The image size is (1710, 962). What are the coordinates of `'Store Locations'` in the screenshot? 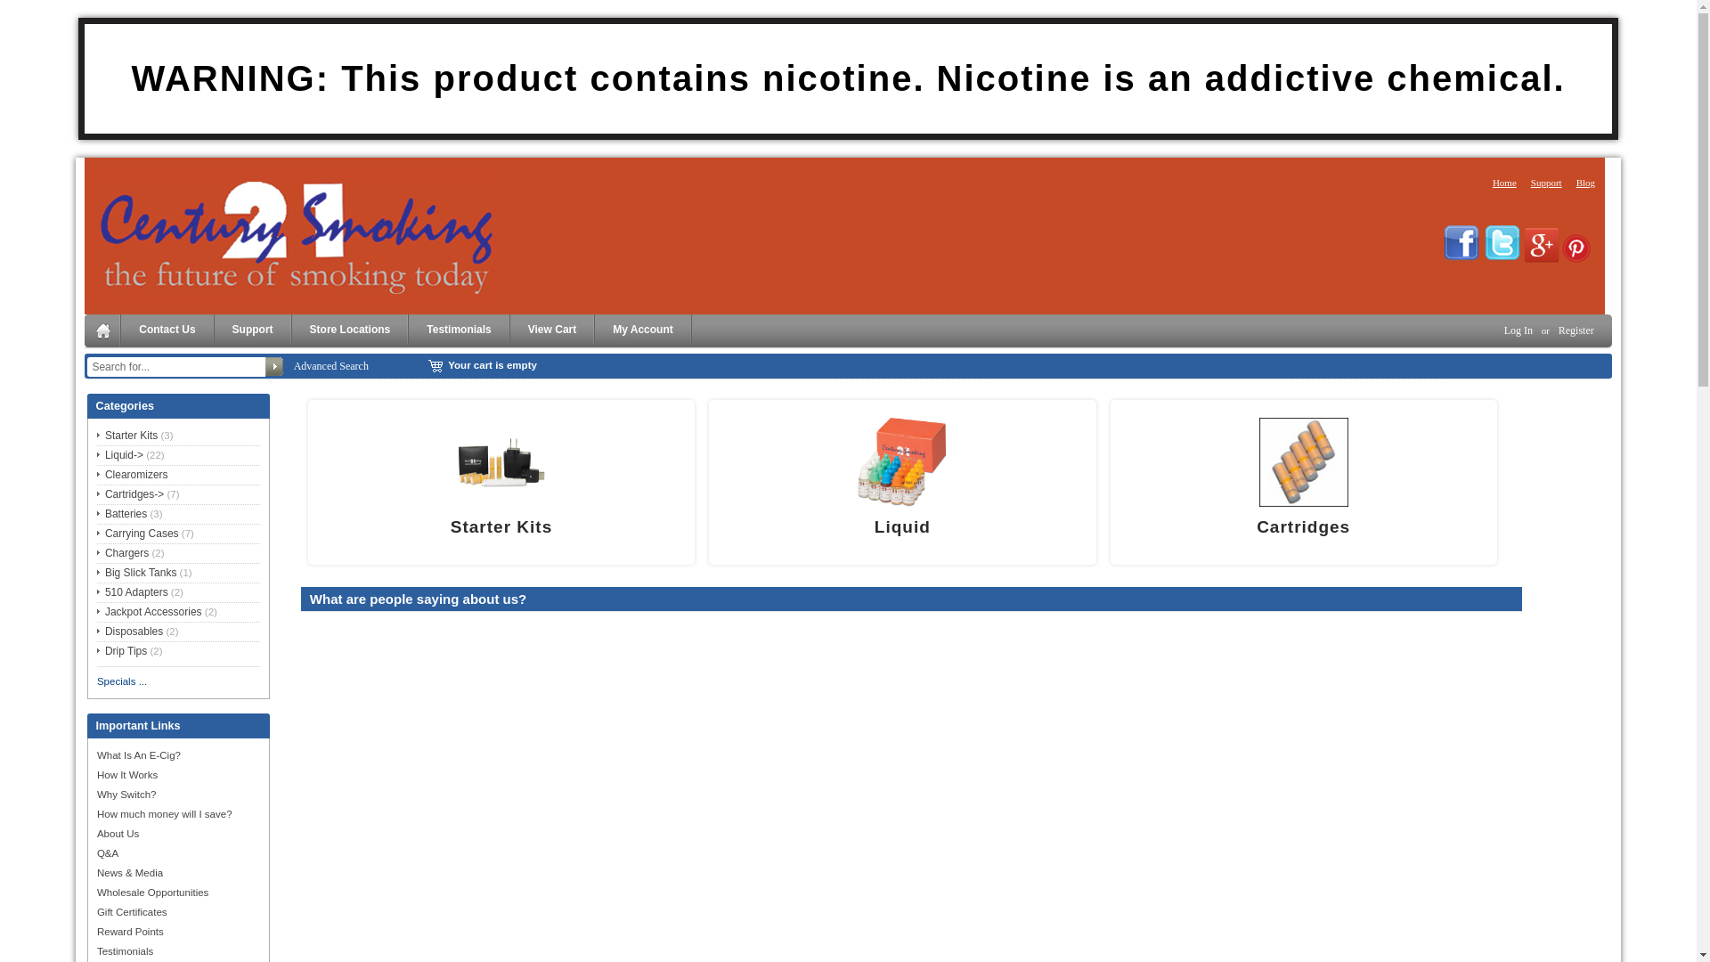 It's located at (350, 330).